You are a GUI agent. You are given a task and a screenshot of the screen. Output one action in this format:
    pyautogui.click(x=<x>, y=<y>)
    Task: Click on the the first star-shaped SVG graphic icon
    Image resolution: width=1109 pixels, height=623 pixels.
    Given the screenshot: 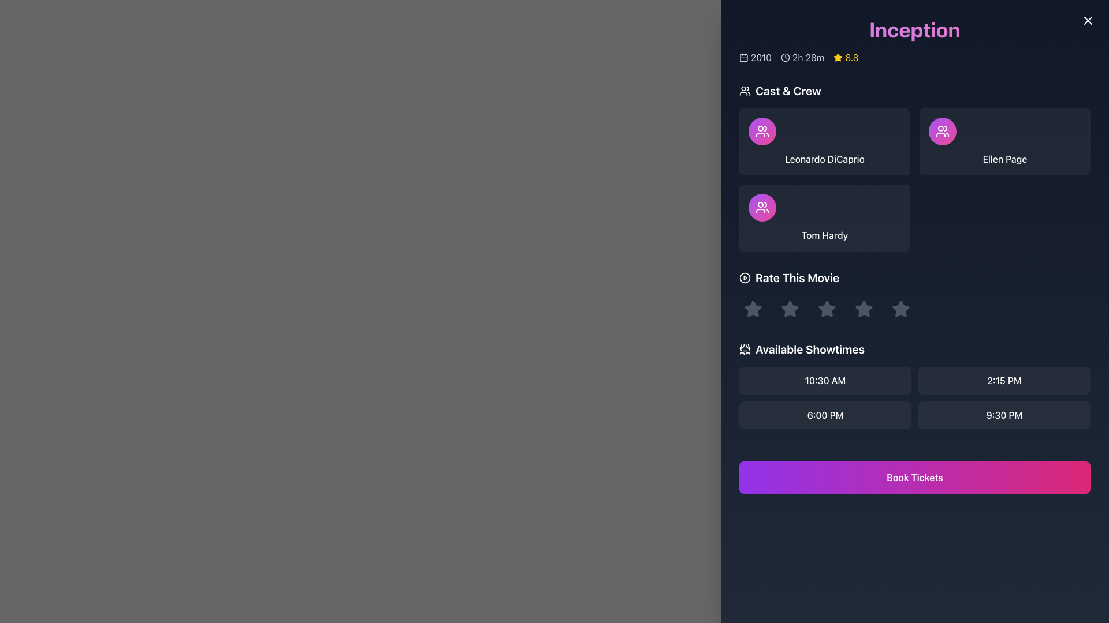 What is the action you would take?
    pyautogui.click(x=753, y=308)
    